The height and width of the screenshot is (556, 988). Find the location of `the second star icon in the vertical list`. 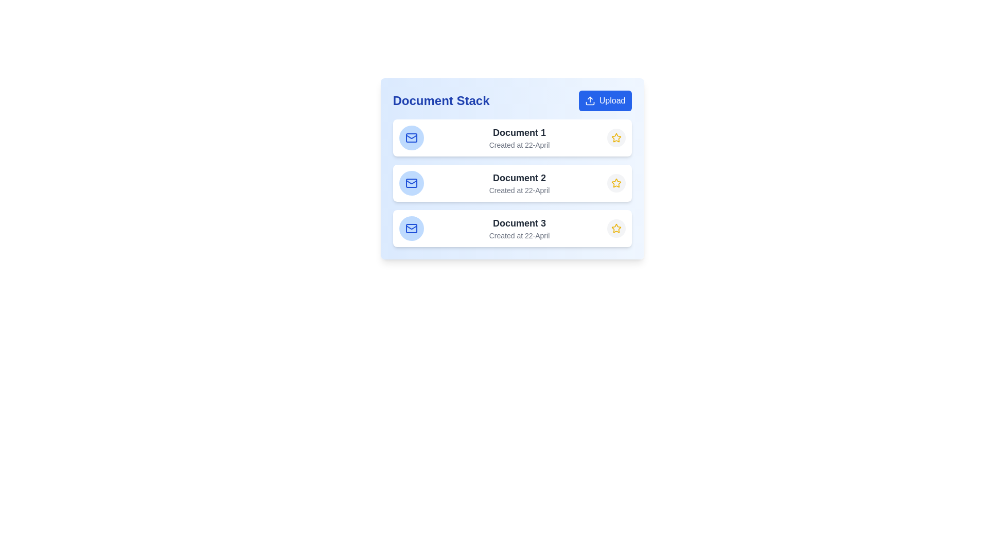

the second star icon in the vertical list is located at coordinates (616, 182).